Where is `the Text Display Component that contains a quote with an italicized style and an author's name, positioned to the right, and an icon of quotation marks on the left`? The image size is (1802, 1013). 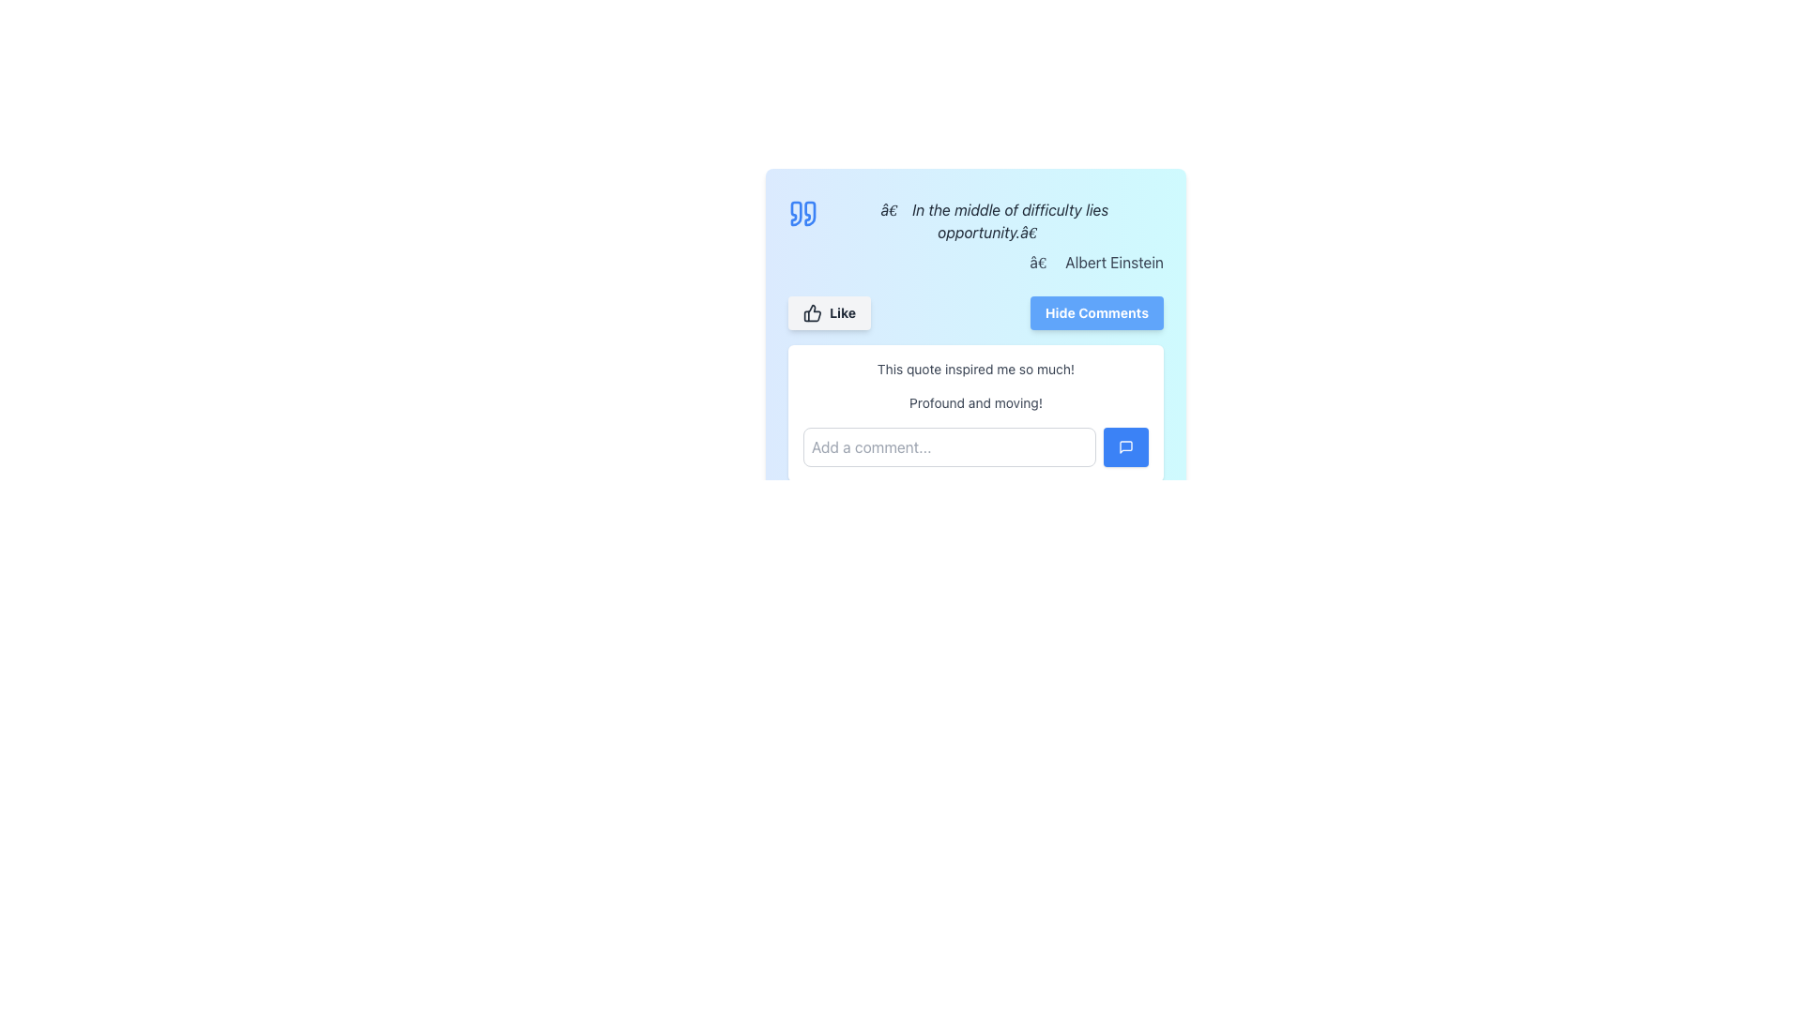 the Text Display Component that contains a quote with an italicized style and an author's name, positioned to the right, and an icon of quotation marks on the left is located at coordinates (976, 234).